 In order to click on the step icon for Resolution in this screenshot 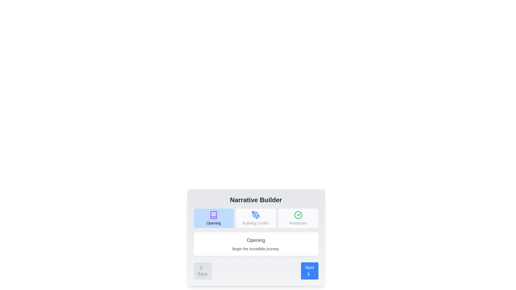, I will do `click(298, 218)`.